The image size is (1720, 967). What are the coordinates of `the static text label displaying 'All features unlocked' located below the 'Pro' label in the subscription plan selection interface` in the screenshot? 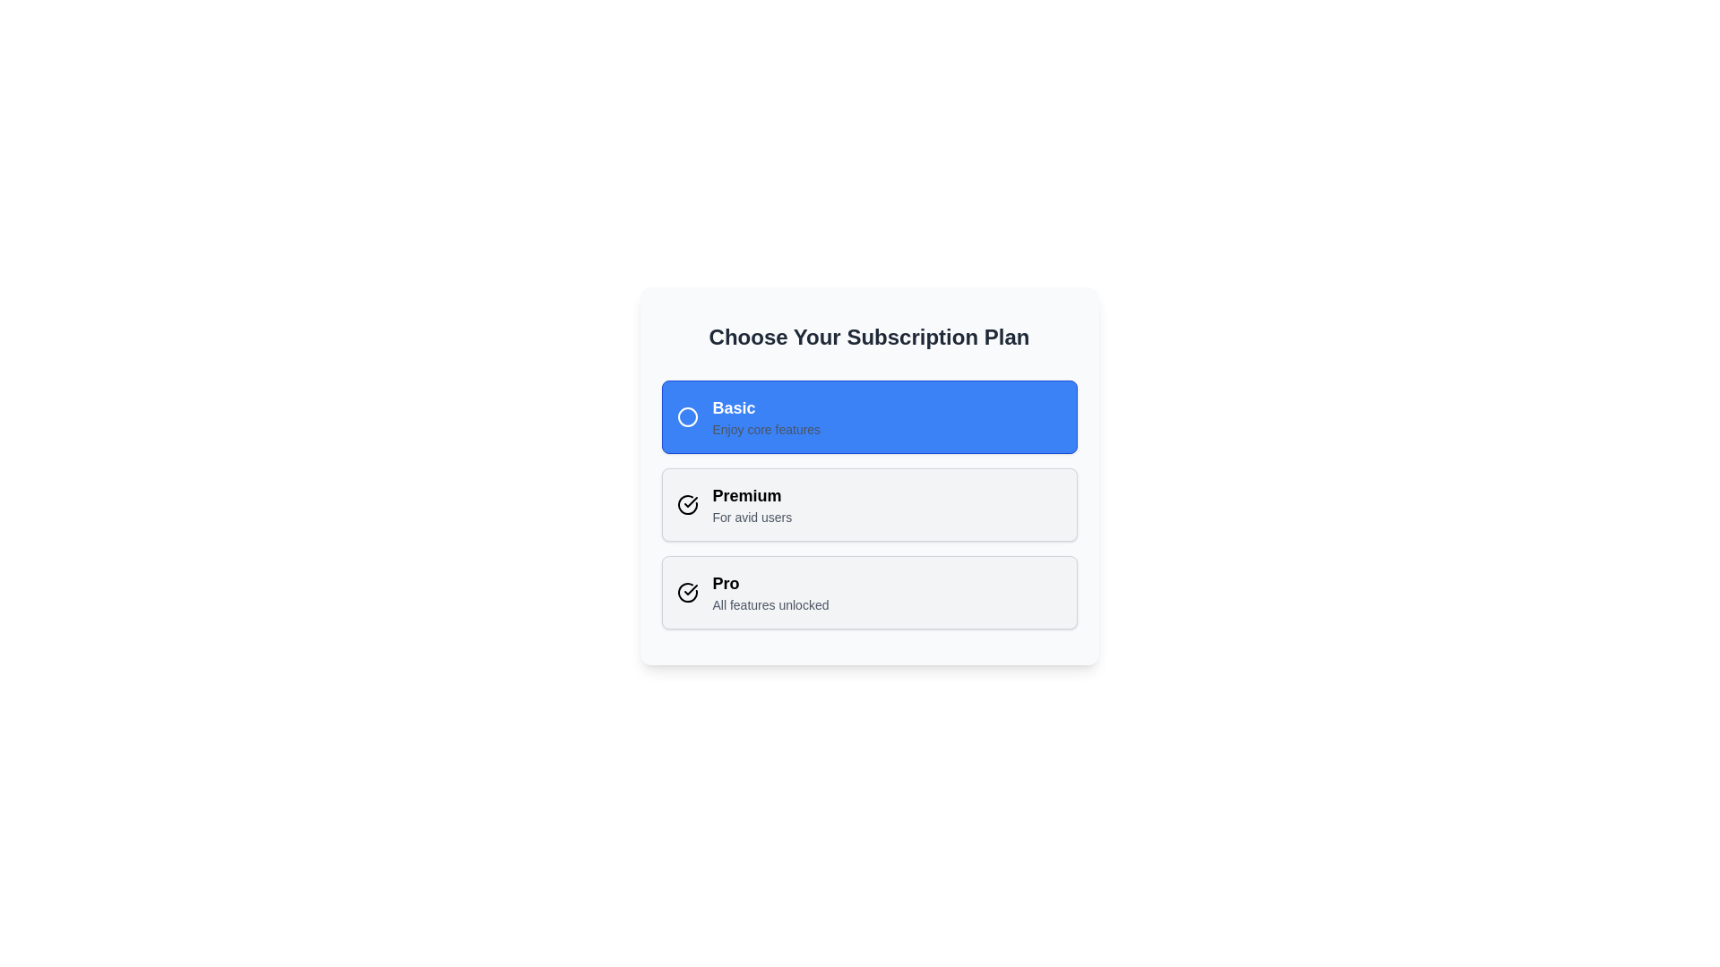 It's located at (770, 604).